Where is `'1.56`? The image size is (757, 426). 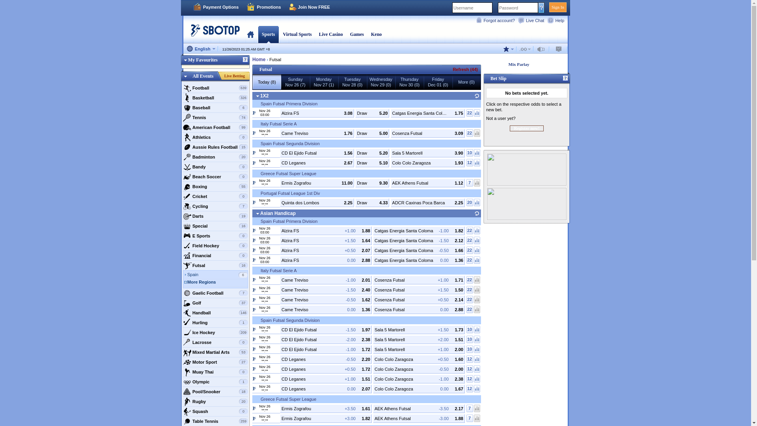
'1.56 is located at coordinates (317, 153).